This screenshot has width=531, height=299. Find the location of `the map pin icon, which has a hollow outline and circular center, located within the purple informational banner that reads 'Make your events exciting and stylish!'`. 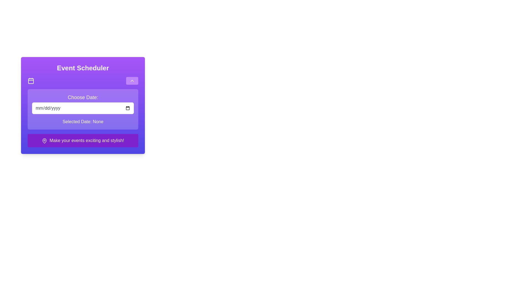

the map pin icon, which has a hollow outline and circular center, located within the purple informational banner that reads 'Make your events exciting and stylish!' is located at coordinates (45, 140).